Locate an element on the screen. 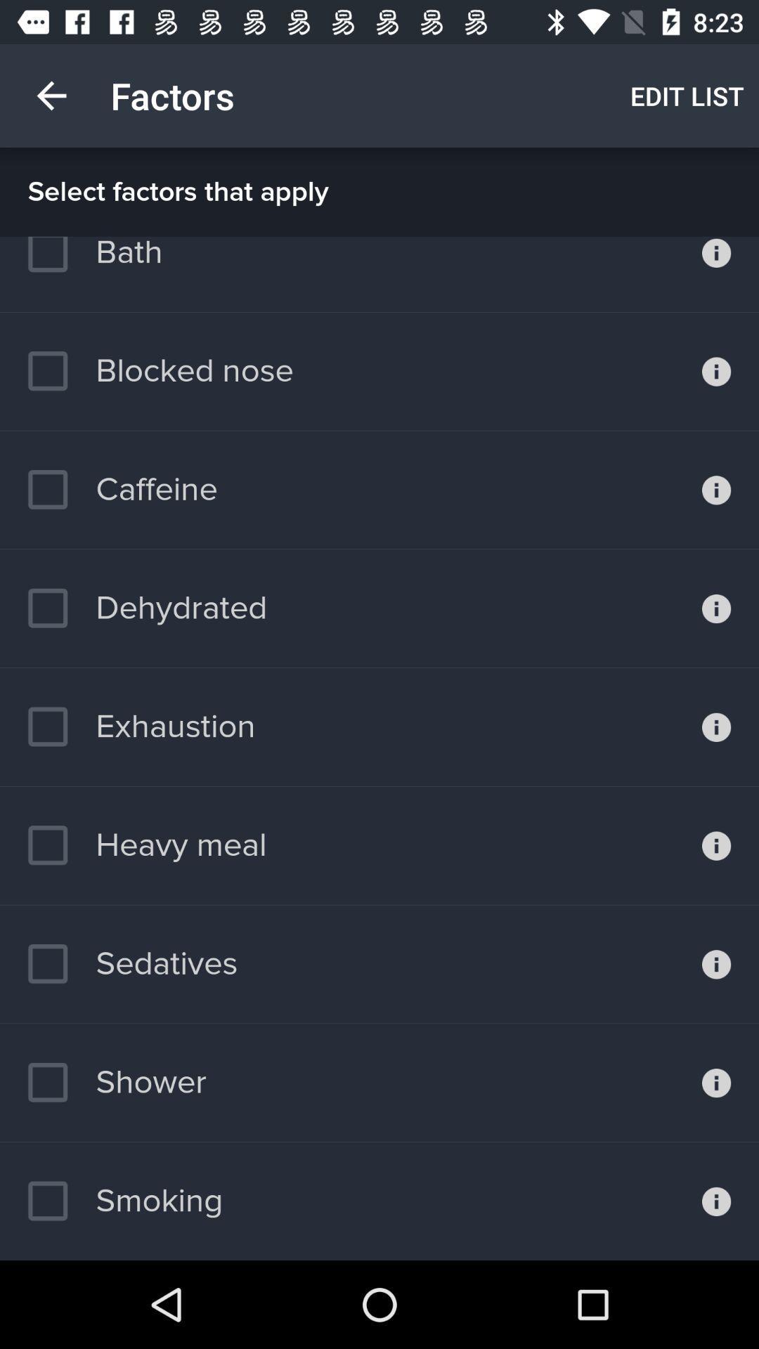 The image size is (759, 1349). open that option is located at coordinates (716, 1200).